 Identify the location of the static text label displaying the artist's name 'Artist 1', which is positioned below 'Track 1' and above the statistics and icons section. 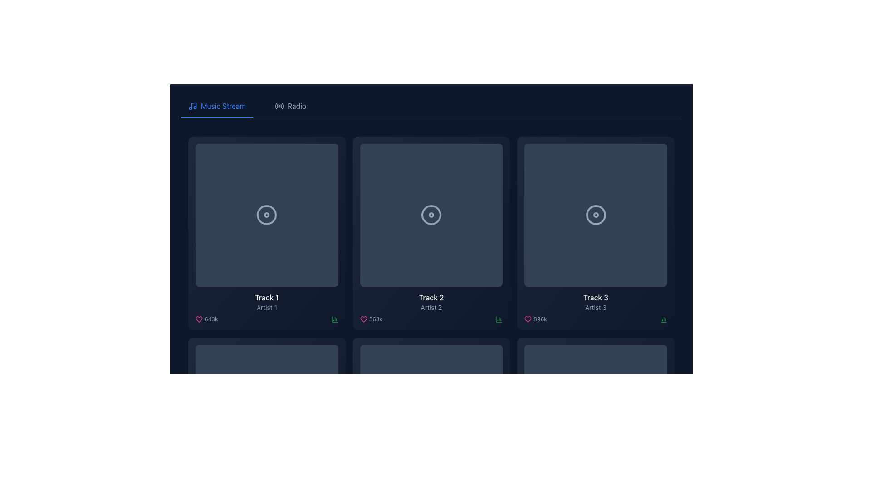
(266, 307).